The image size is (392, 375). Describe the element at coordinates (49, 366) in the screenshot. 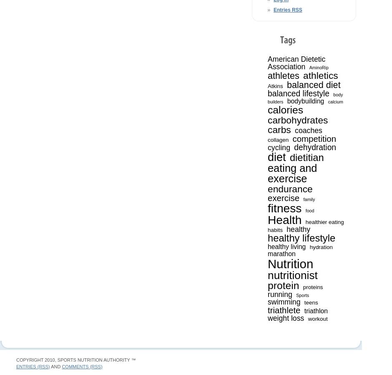

I see `'and'` at that location.